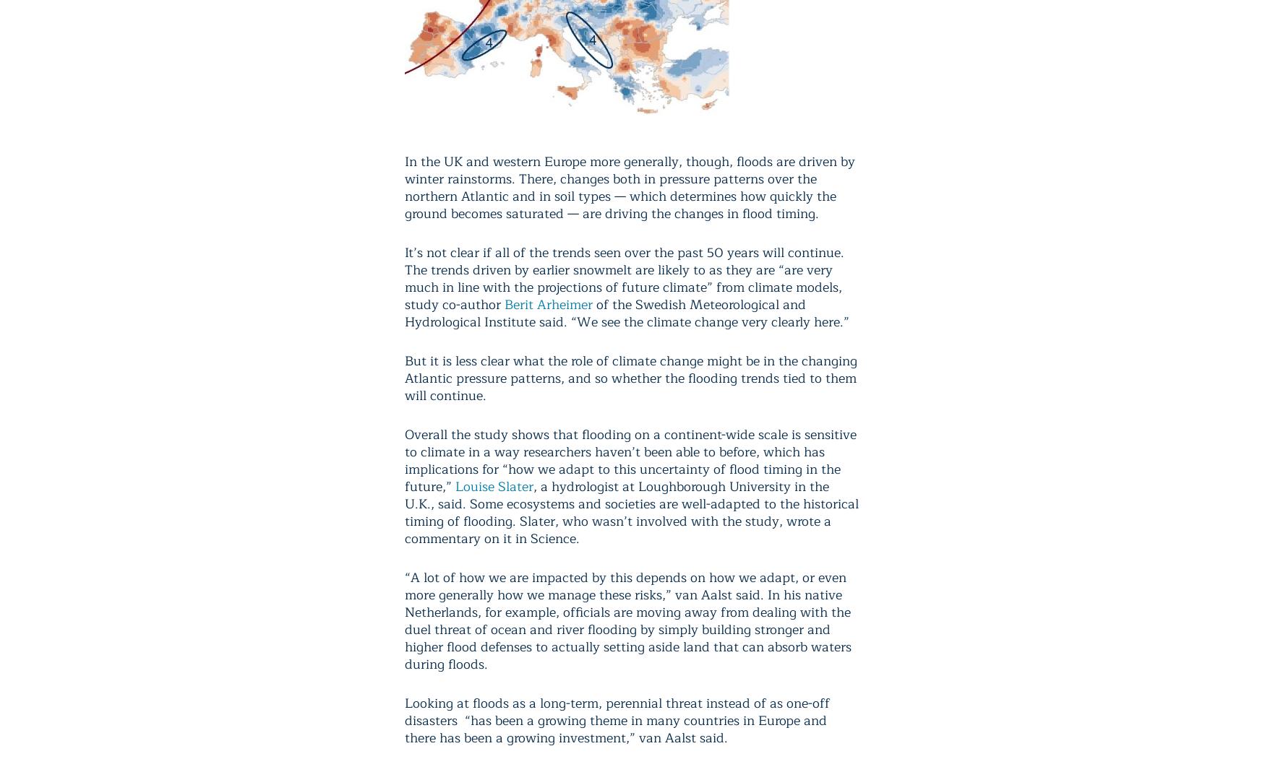  Describe the element at coordinates (404, 312) in the screenshot. I see `'of the Swedish Meteorological and Hydrological Institute said. “We see the climate change very clearly here.”'` at that location.